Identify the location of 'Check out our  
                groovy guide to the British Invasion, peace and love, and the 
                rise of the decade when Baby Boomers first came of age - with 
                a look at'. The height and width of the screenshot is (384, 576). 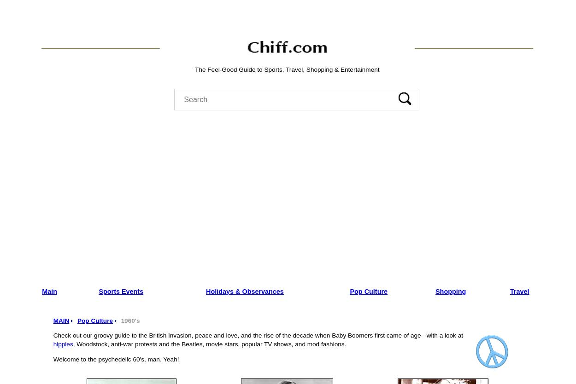
(258, 335).